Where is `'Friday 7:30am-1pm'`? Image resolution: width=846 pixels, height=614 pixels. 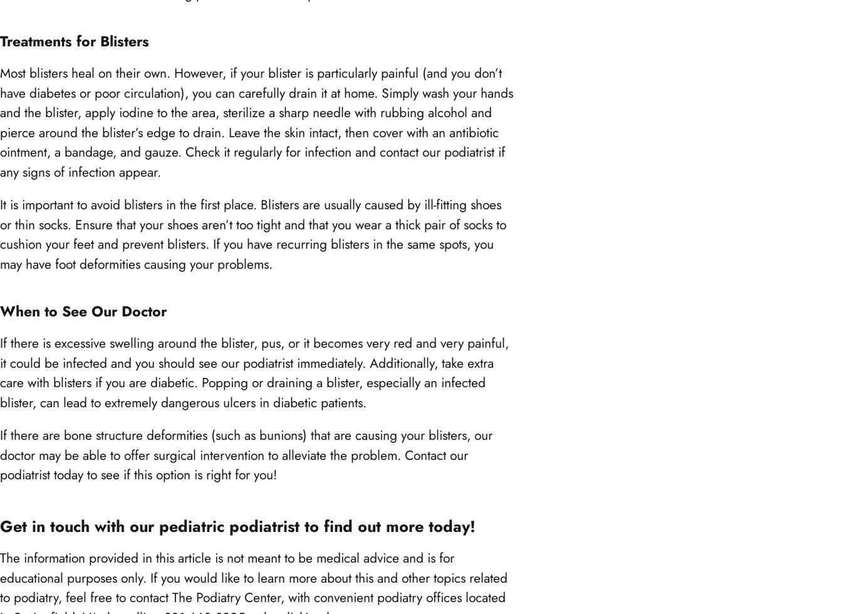 'Friday 7:30am-1pm' is located at coordinates (46, 55).